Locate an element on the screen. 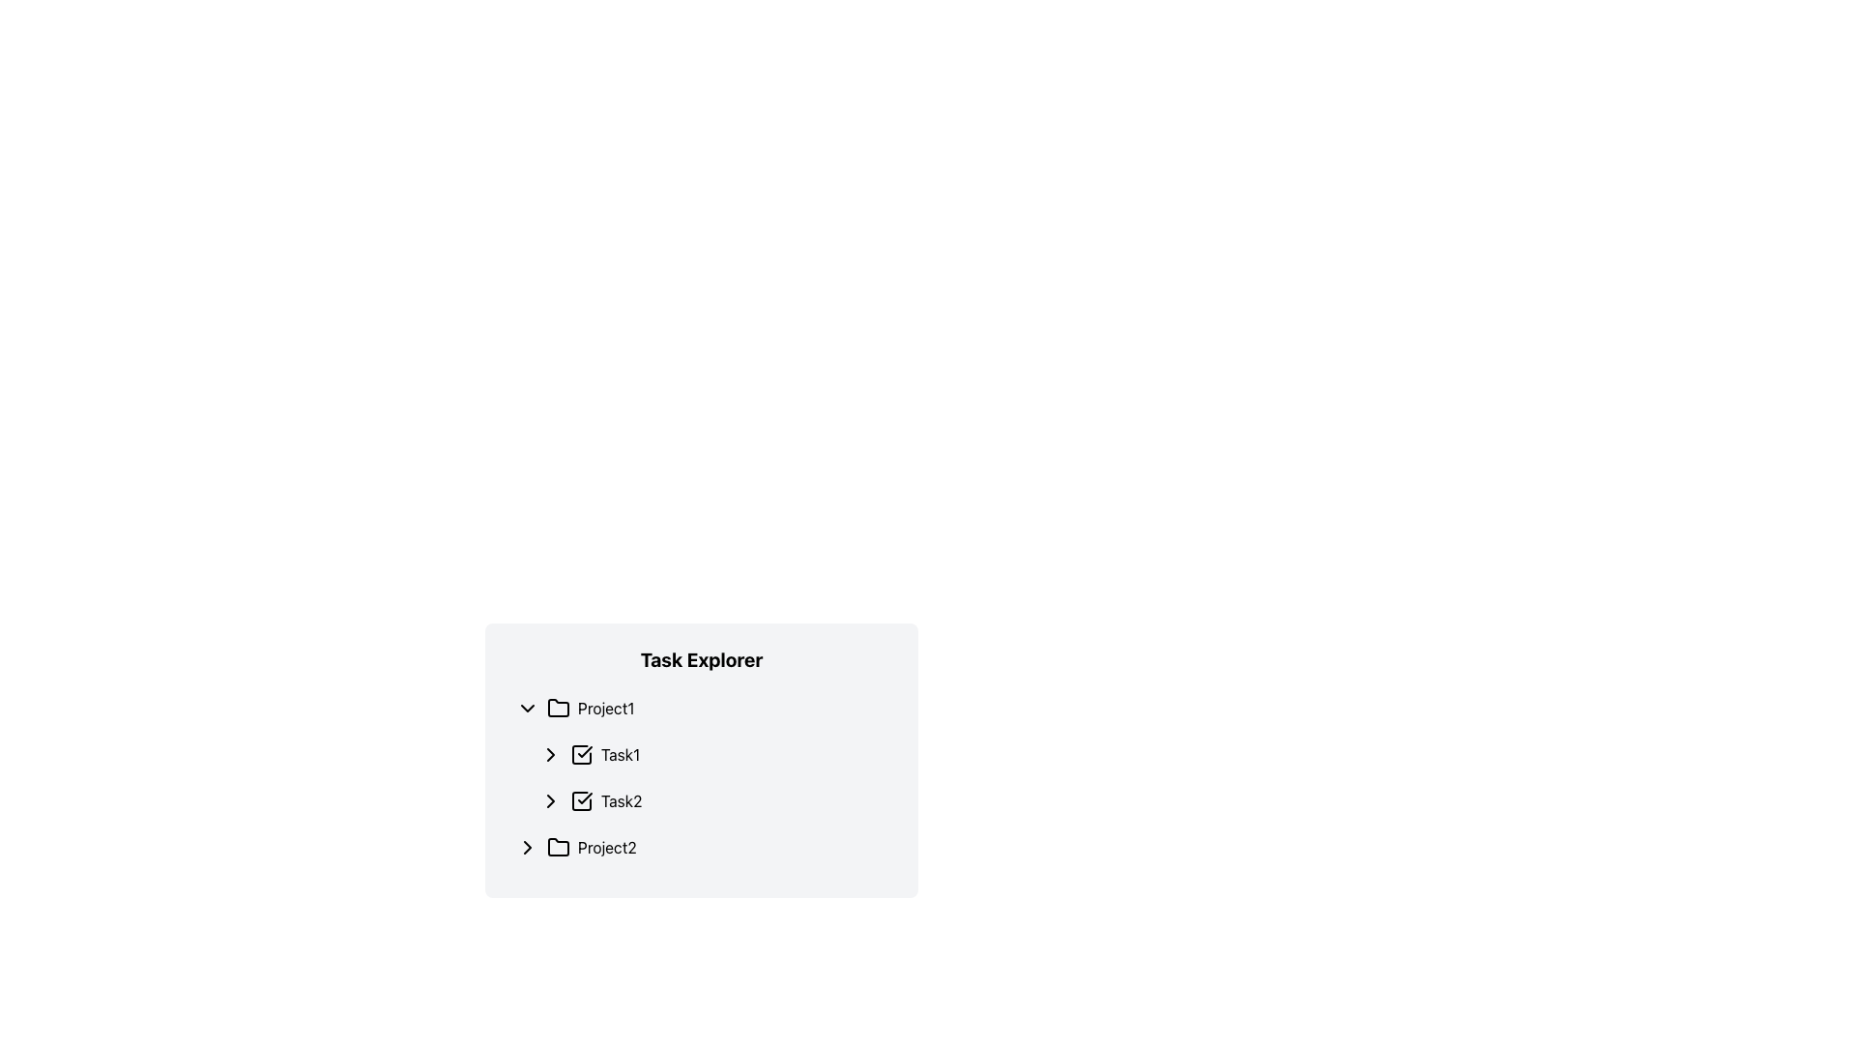  the task status indicated by the checklist icon representing the completed task next to 'Task2' under 'Project1' is located at coordinates (580, 801).